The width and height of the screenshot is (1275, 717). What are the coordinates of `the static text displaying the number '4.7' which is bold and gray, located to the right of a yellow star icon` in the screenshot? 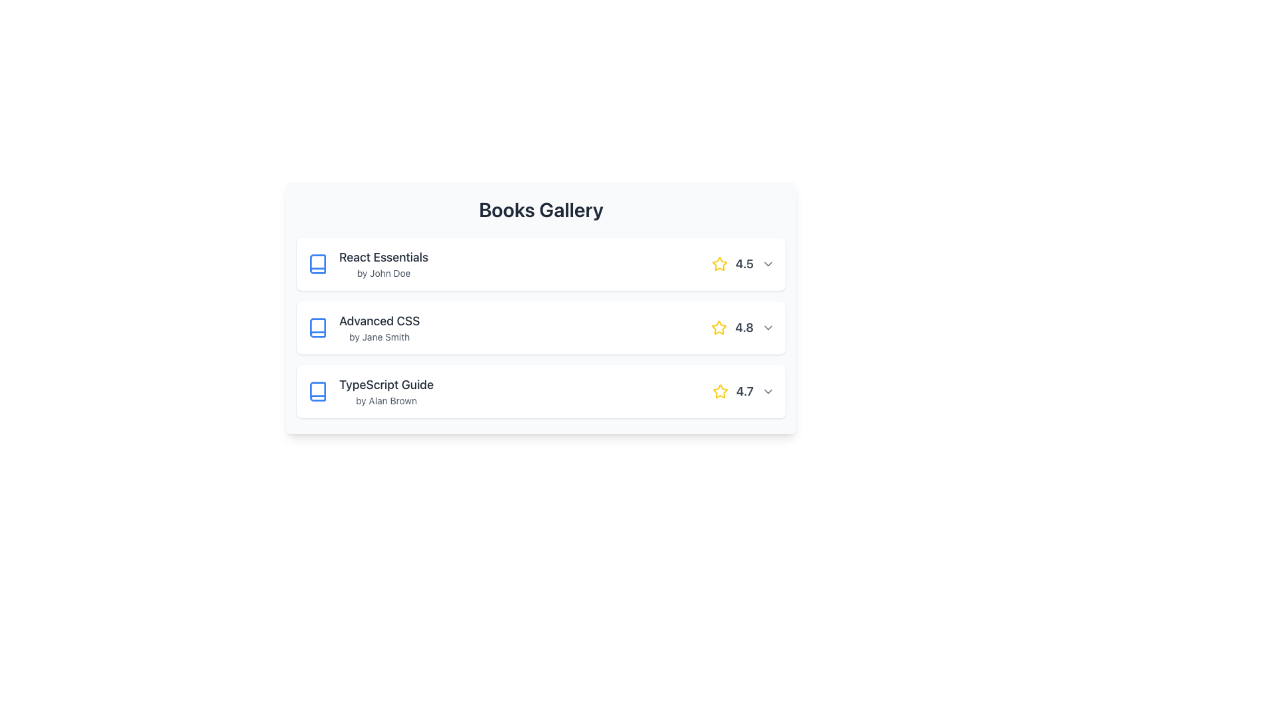 It's located at (744, 391).